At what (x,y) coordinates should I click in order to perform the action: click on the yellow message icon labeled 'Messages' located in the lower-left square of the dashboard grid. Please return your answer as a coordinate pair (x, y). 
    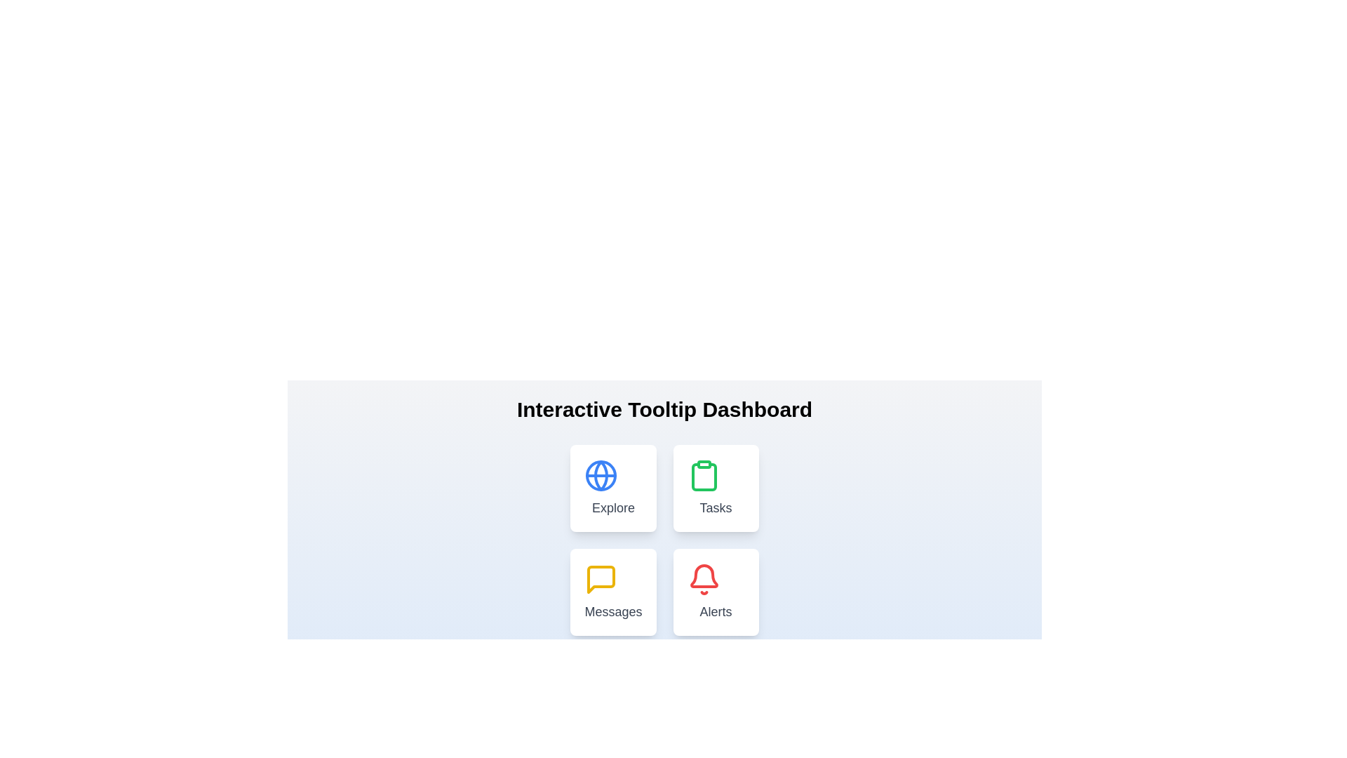
    Looking at the image, I should click on (601, 579).